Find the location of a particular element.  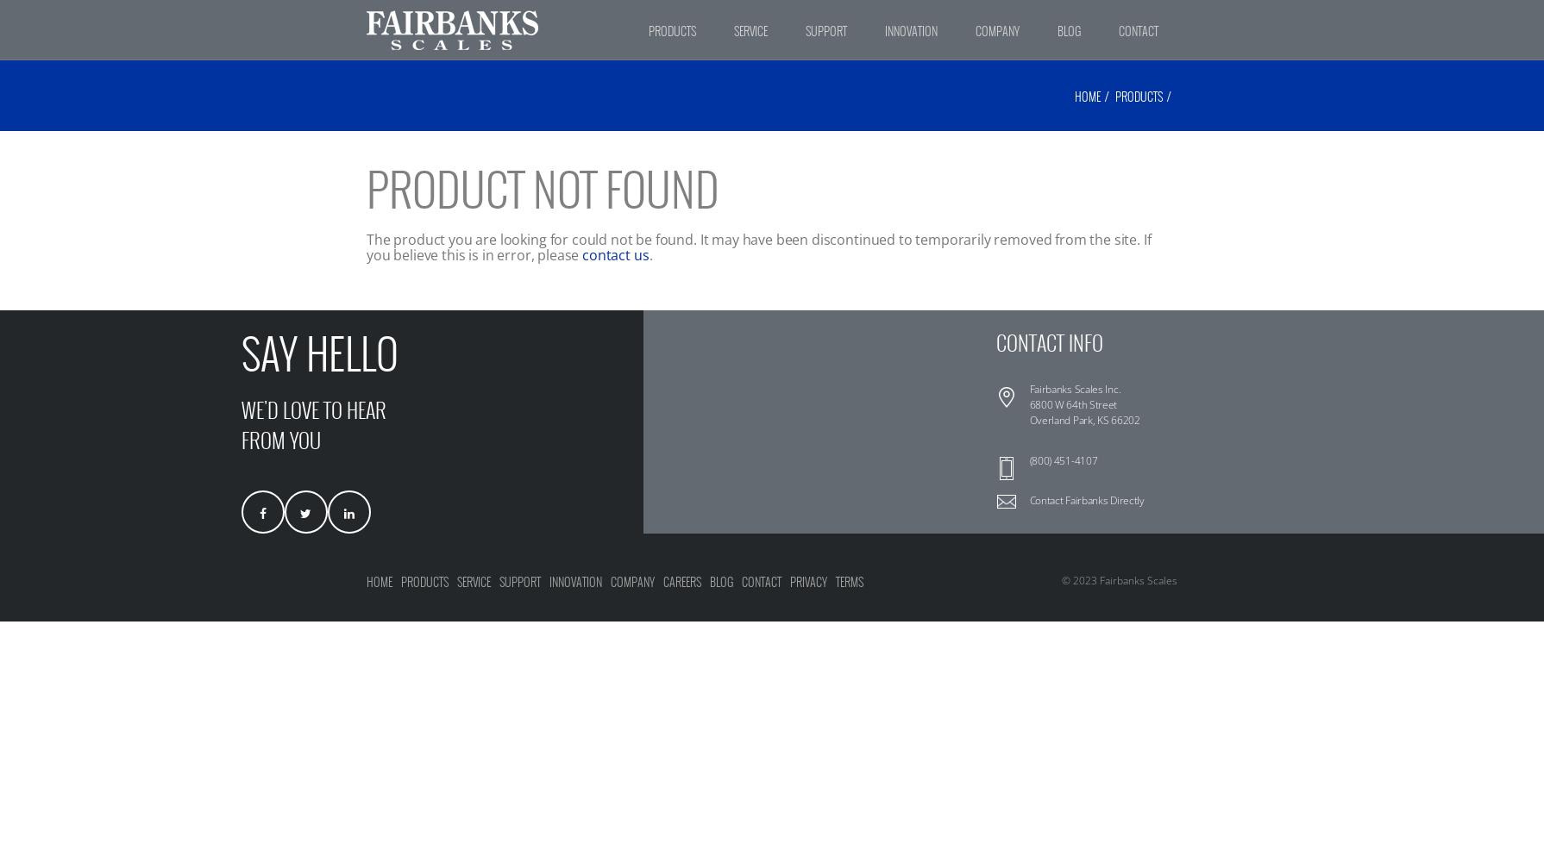

'Company' is located at coordinates (609, 582).